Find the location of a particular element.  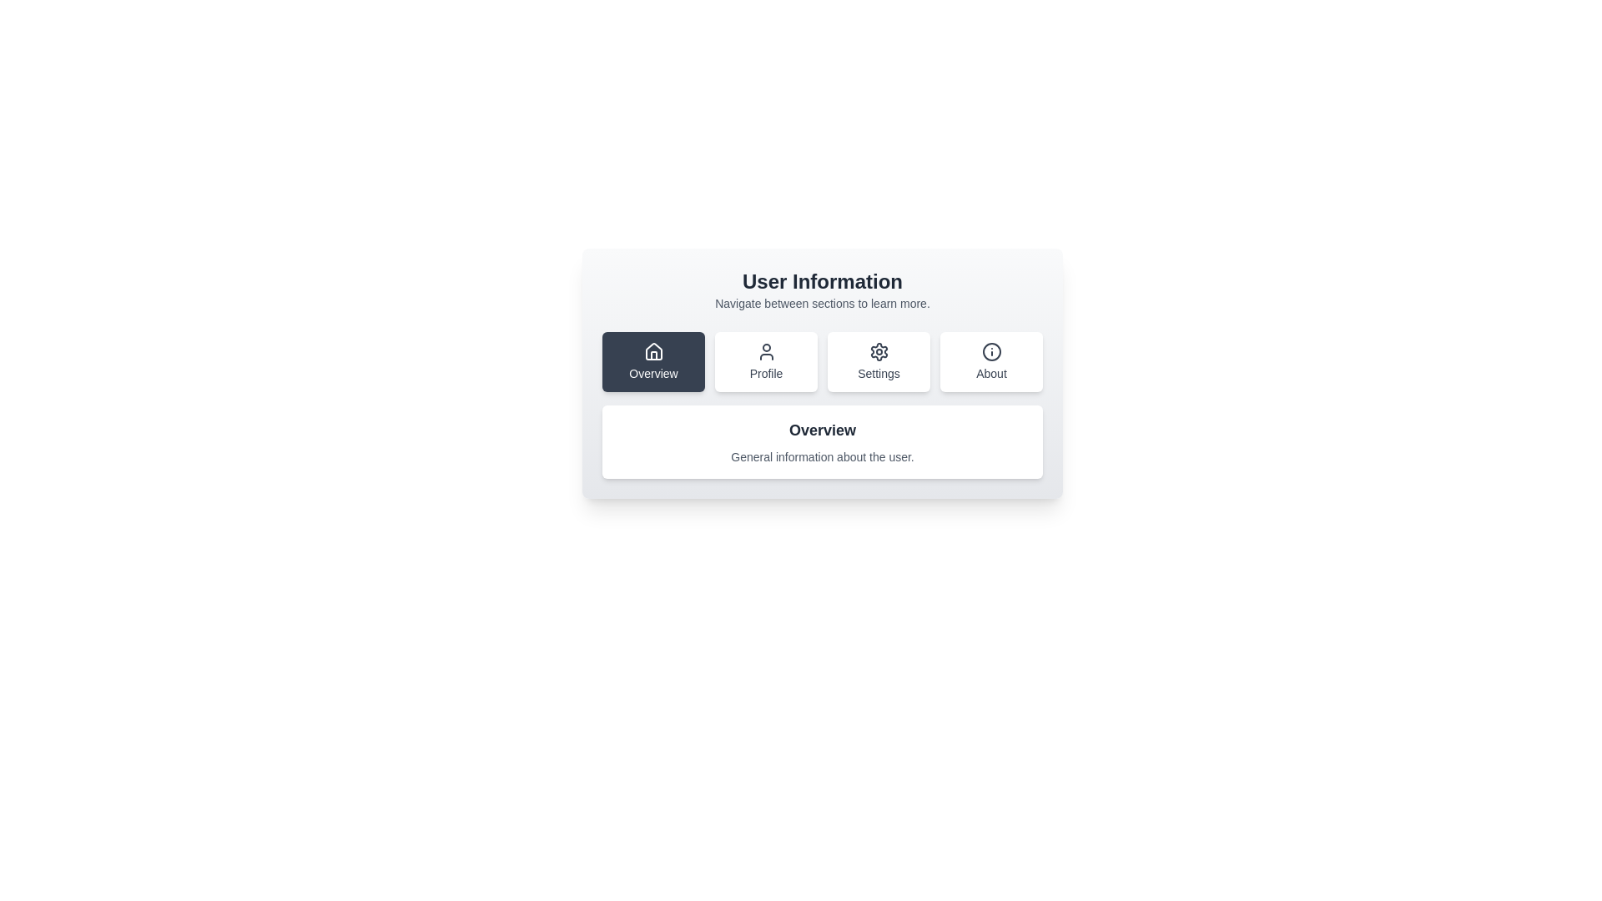

the 'Overview' button located in the navigation menu, identified by its home icon is located at coordinates (652, 350).